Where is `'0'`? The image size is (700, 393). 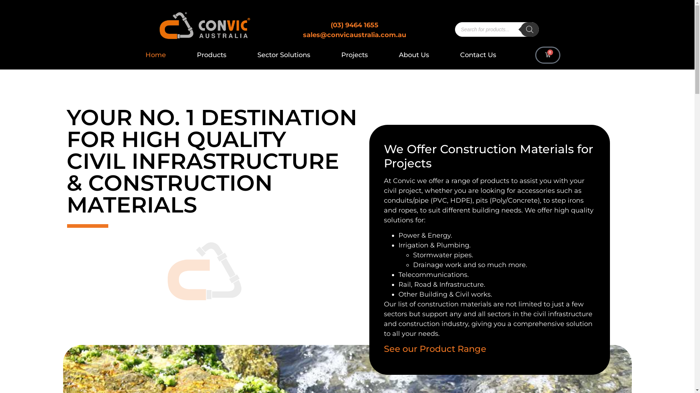 '0' is located at coordinates (535, 55).